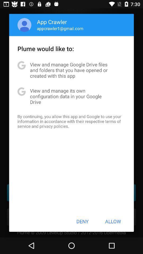  I want to click on item to the left of the allow item, so click(82, 221).